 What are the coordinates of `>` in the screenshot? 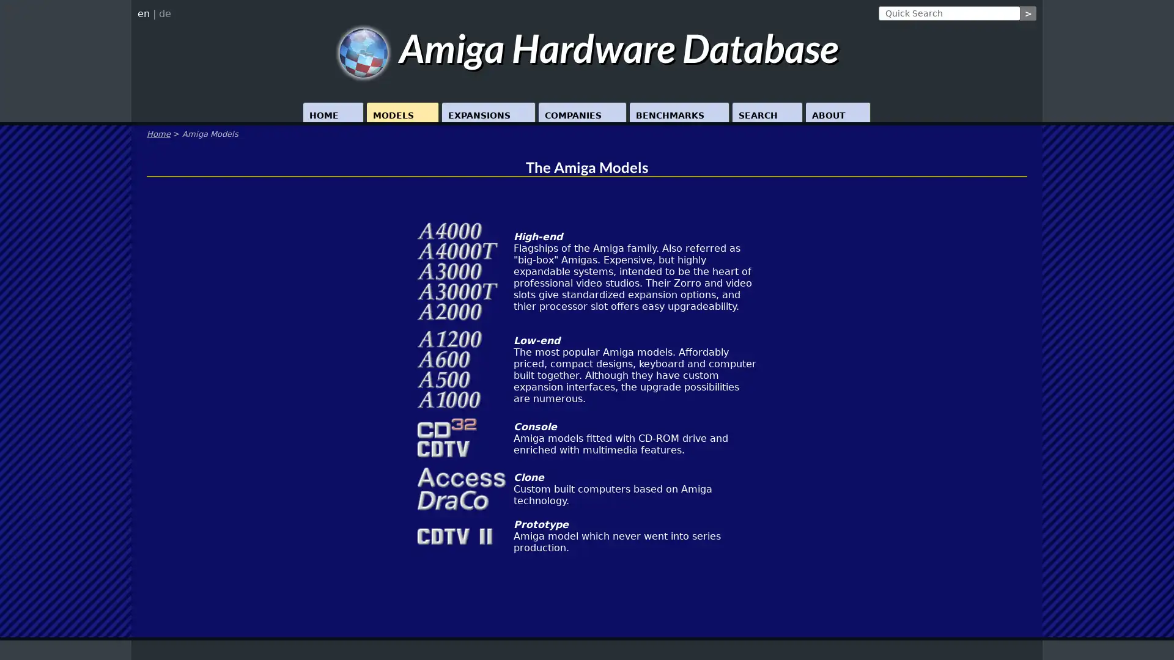 It's located at (1027, 13).